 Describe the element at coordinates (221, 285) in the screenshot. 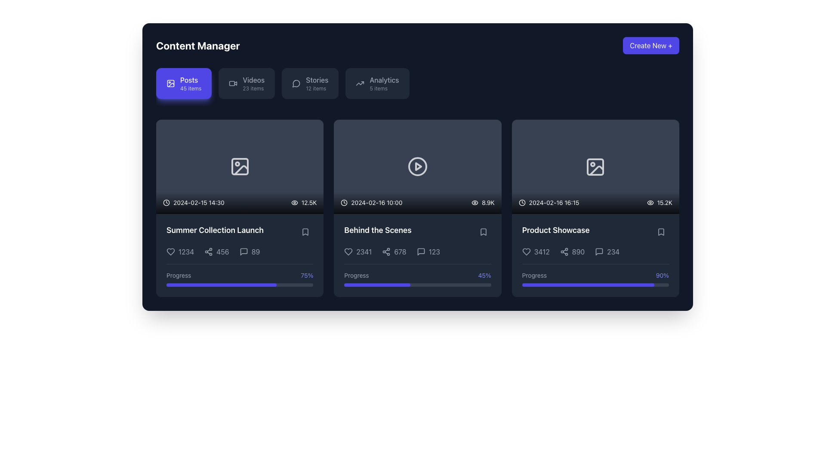

I see `the horizontal progress bar that is indigo-gray and represents 75% progress, located underneath the 'Summer Collection Launch' card in the first column of the grid` at that location.